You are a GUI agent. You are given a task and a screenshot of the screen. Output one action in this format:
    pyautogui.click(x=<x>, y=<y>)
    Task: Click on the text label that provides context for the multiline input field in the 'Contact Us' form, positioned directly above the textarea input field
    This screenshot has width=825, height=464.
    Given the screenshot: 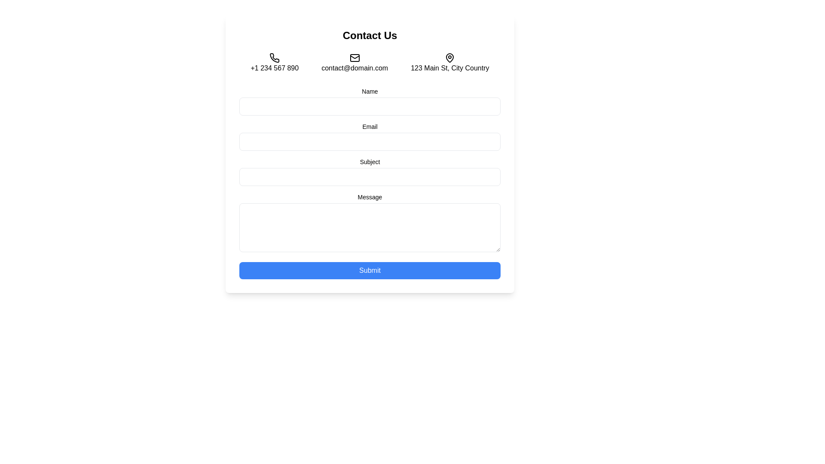 What is the action you would take?
    pyautogui.click(x=370, y=197)
    